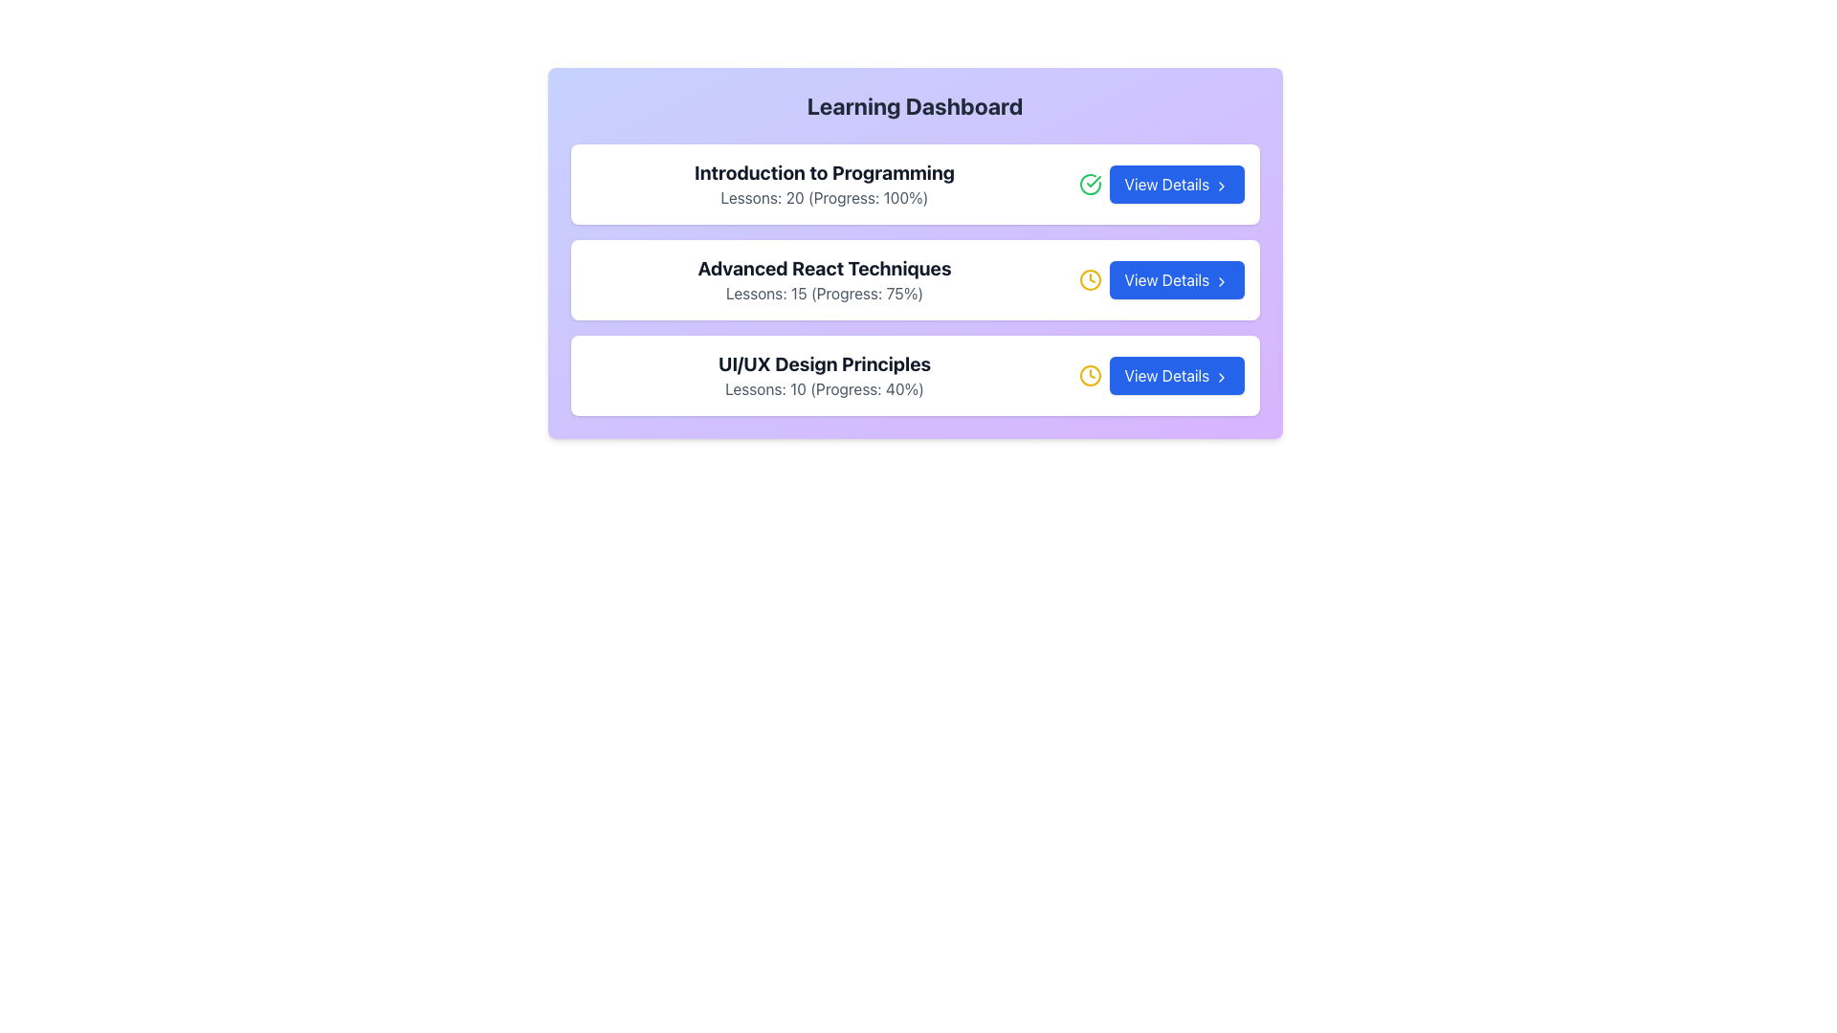 Image resolution: width=1837 pixels, height=1033 pixels. I want to click on the progress status icon that visually communicates the progress of the specific lesson, located to the left of the 'View Details' button and aligned with the text 'Lessons: 15 (Progress: 75%)', so click(1090, 376).